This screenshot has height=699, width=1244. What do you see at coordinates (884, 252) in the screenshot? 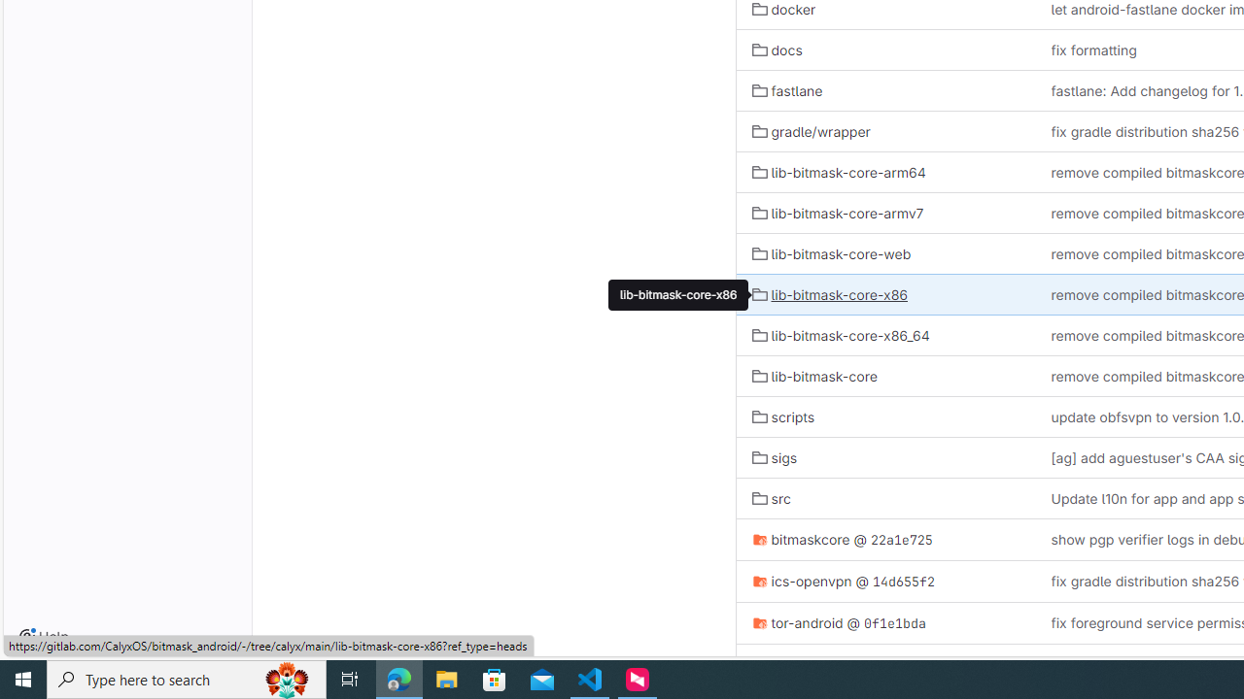
I see `'lib-bitmask-core-web'` at bounding box center [884, 252].